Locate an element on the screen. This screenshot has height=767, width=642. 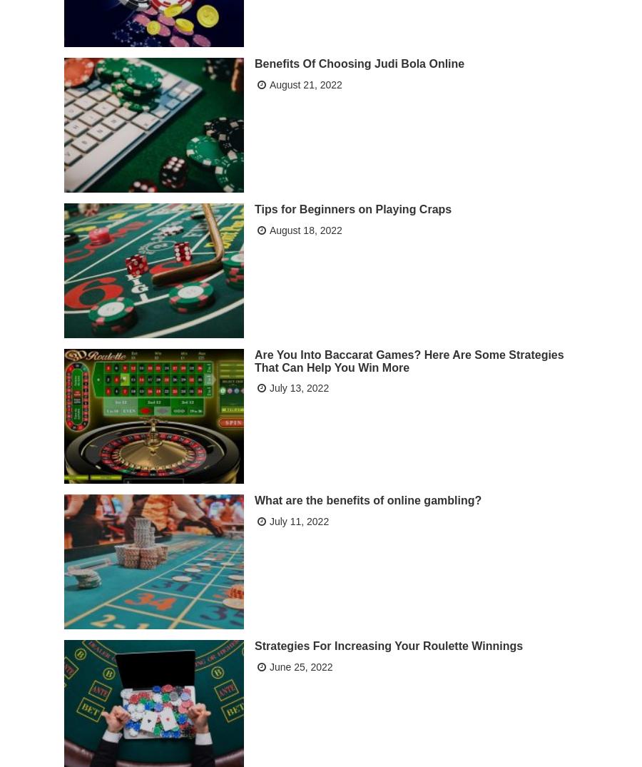
'What are the benefits of online gambling?' is located at coordinates (255, 499).